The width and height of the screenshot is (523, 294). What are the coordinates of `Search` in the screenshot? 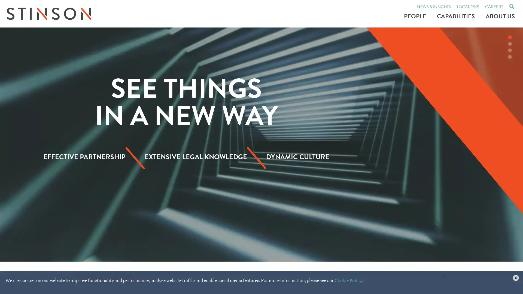 It's located at (444, 276).